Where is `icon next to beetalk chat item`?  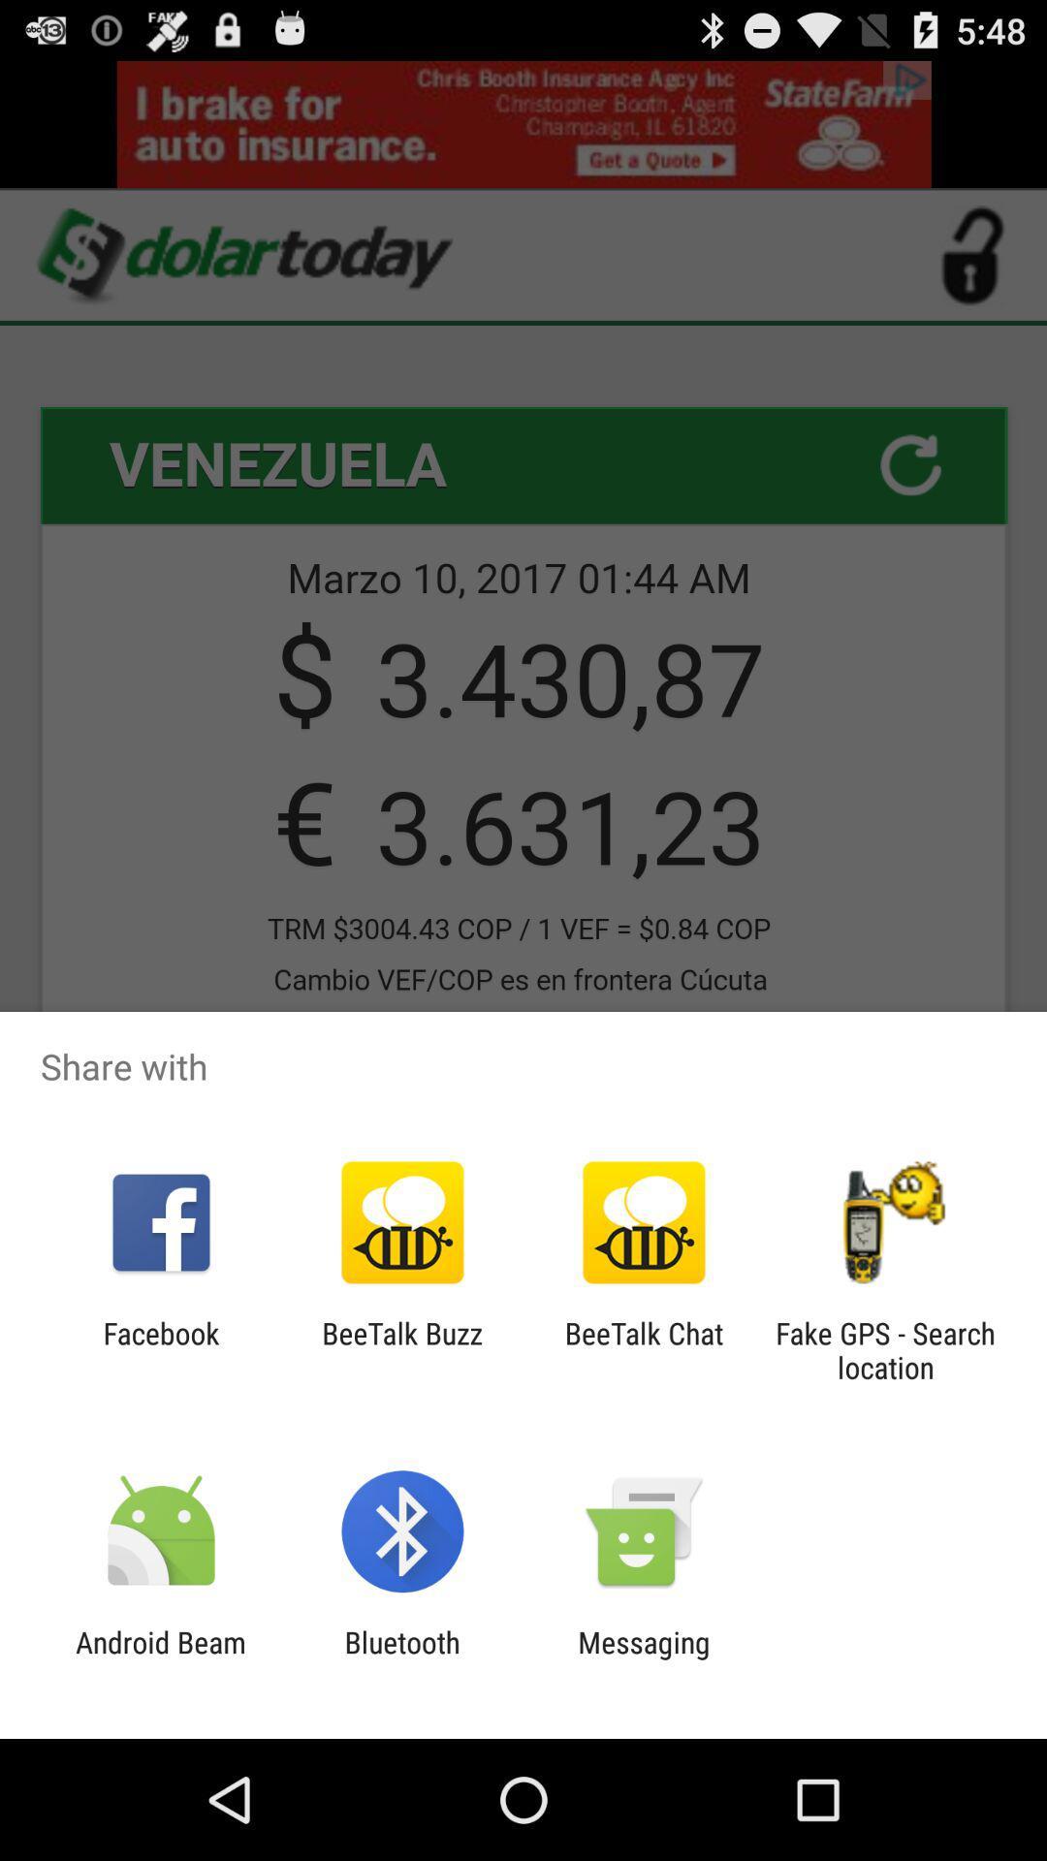 icon next to beetalk chat item is located at coordinates (885, 1349).